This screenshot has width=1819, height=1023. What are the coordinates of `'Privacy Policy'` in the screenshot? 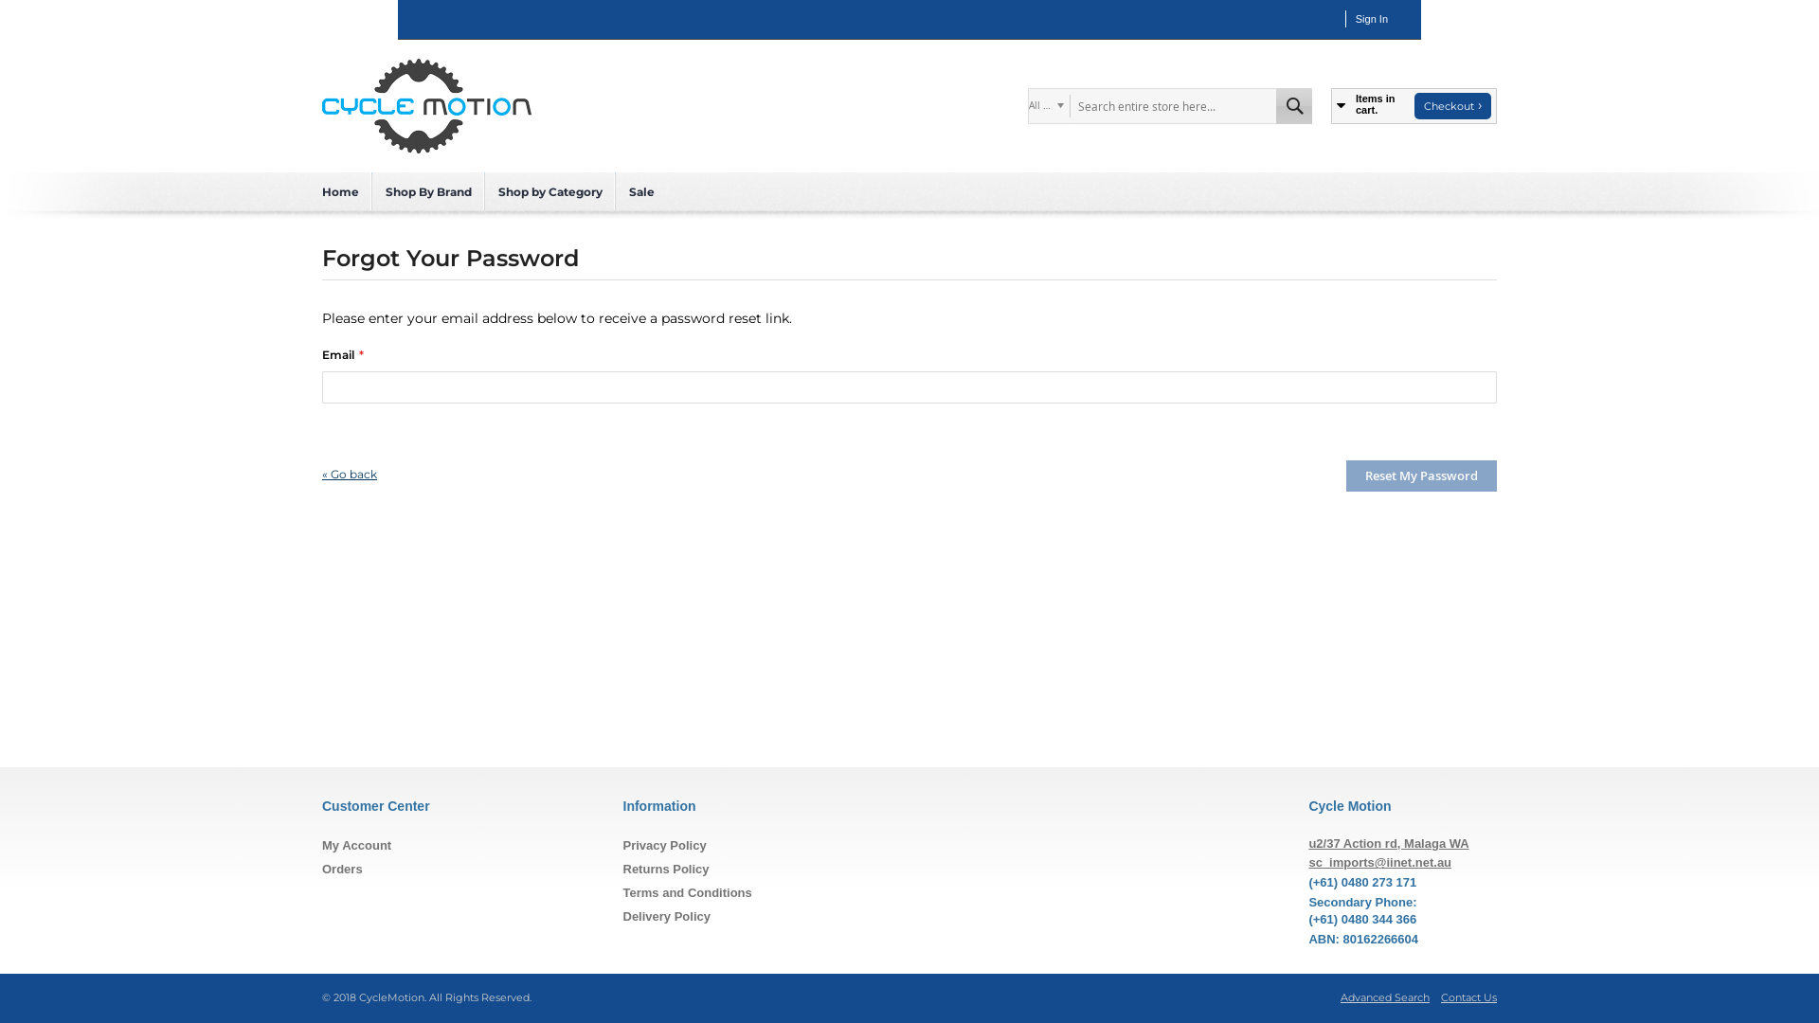 It's located at (664, 844).